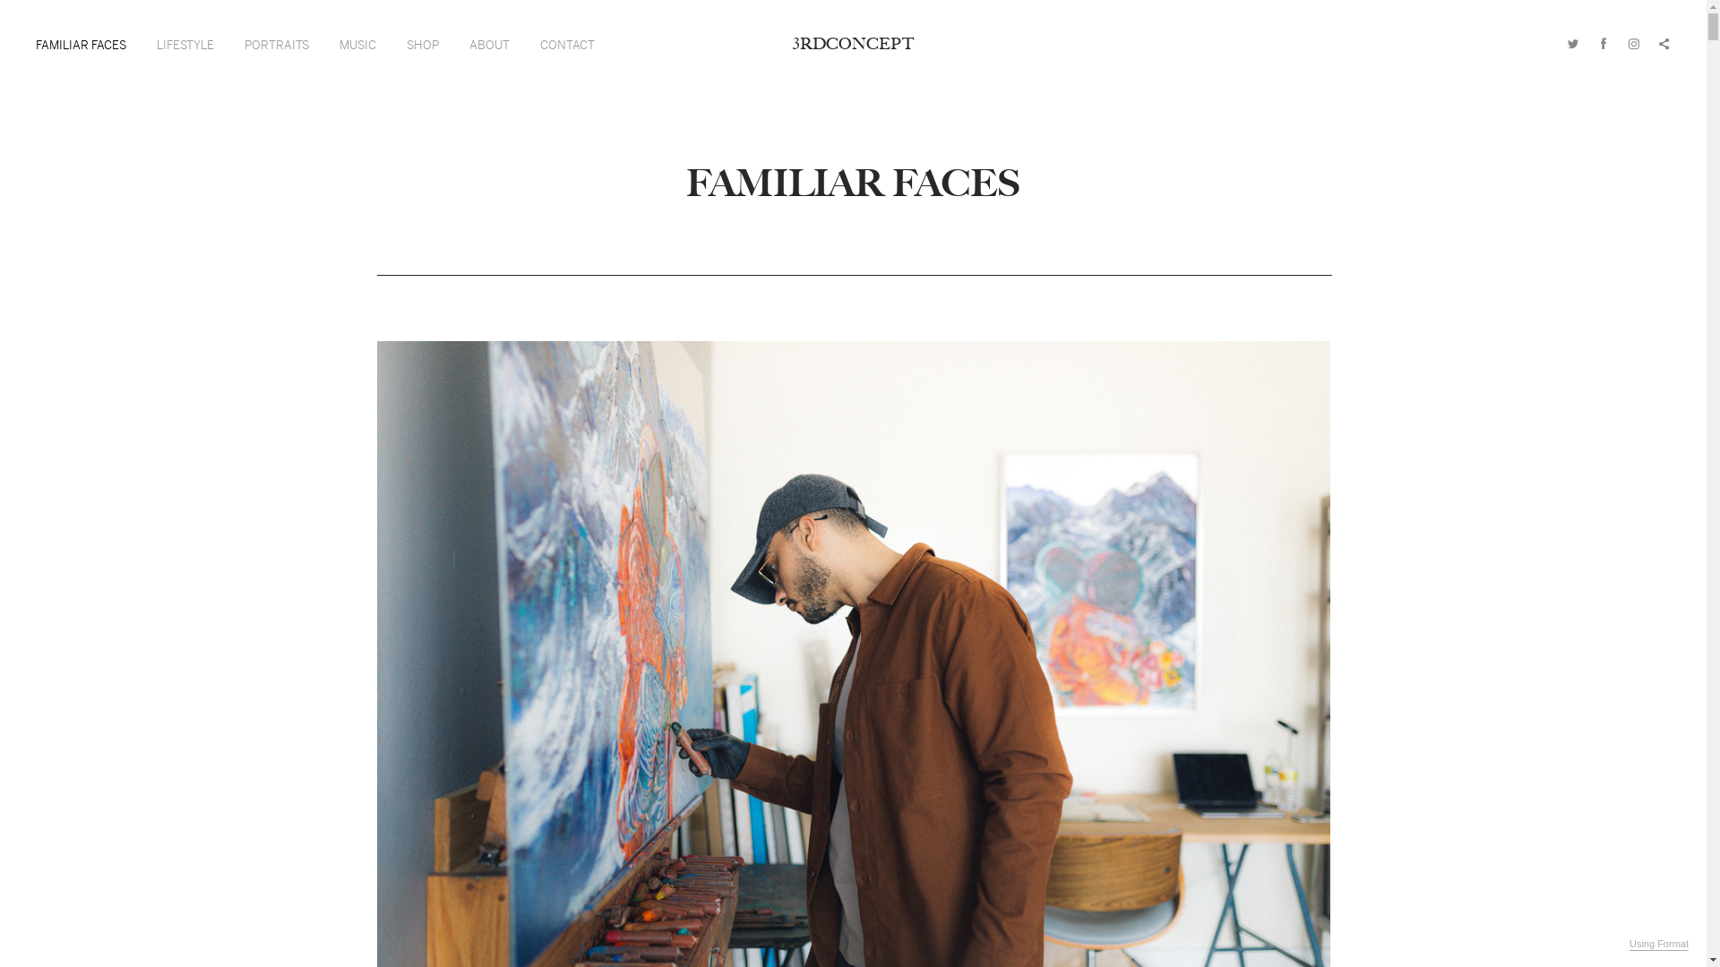  Describe the element at coordinates (1572, 42) in the screenshot. I see `'Twitter'` at that location.